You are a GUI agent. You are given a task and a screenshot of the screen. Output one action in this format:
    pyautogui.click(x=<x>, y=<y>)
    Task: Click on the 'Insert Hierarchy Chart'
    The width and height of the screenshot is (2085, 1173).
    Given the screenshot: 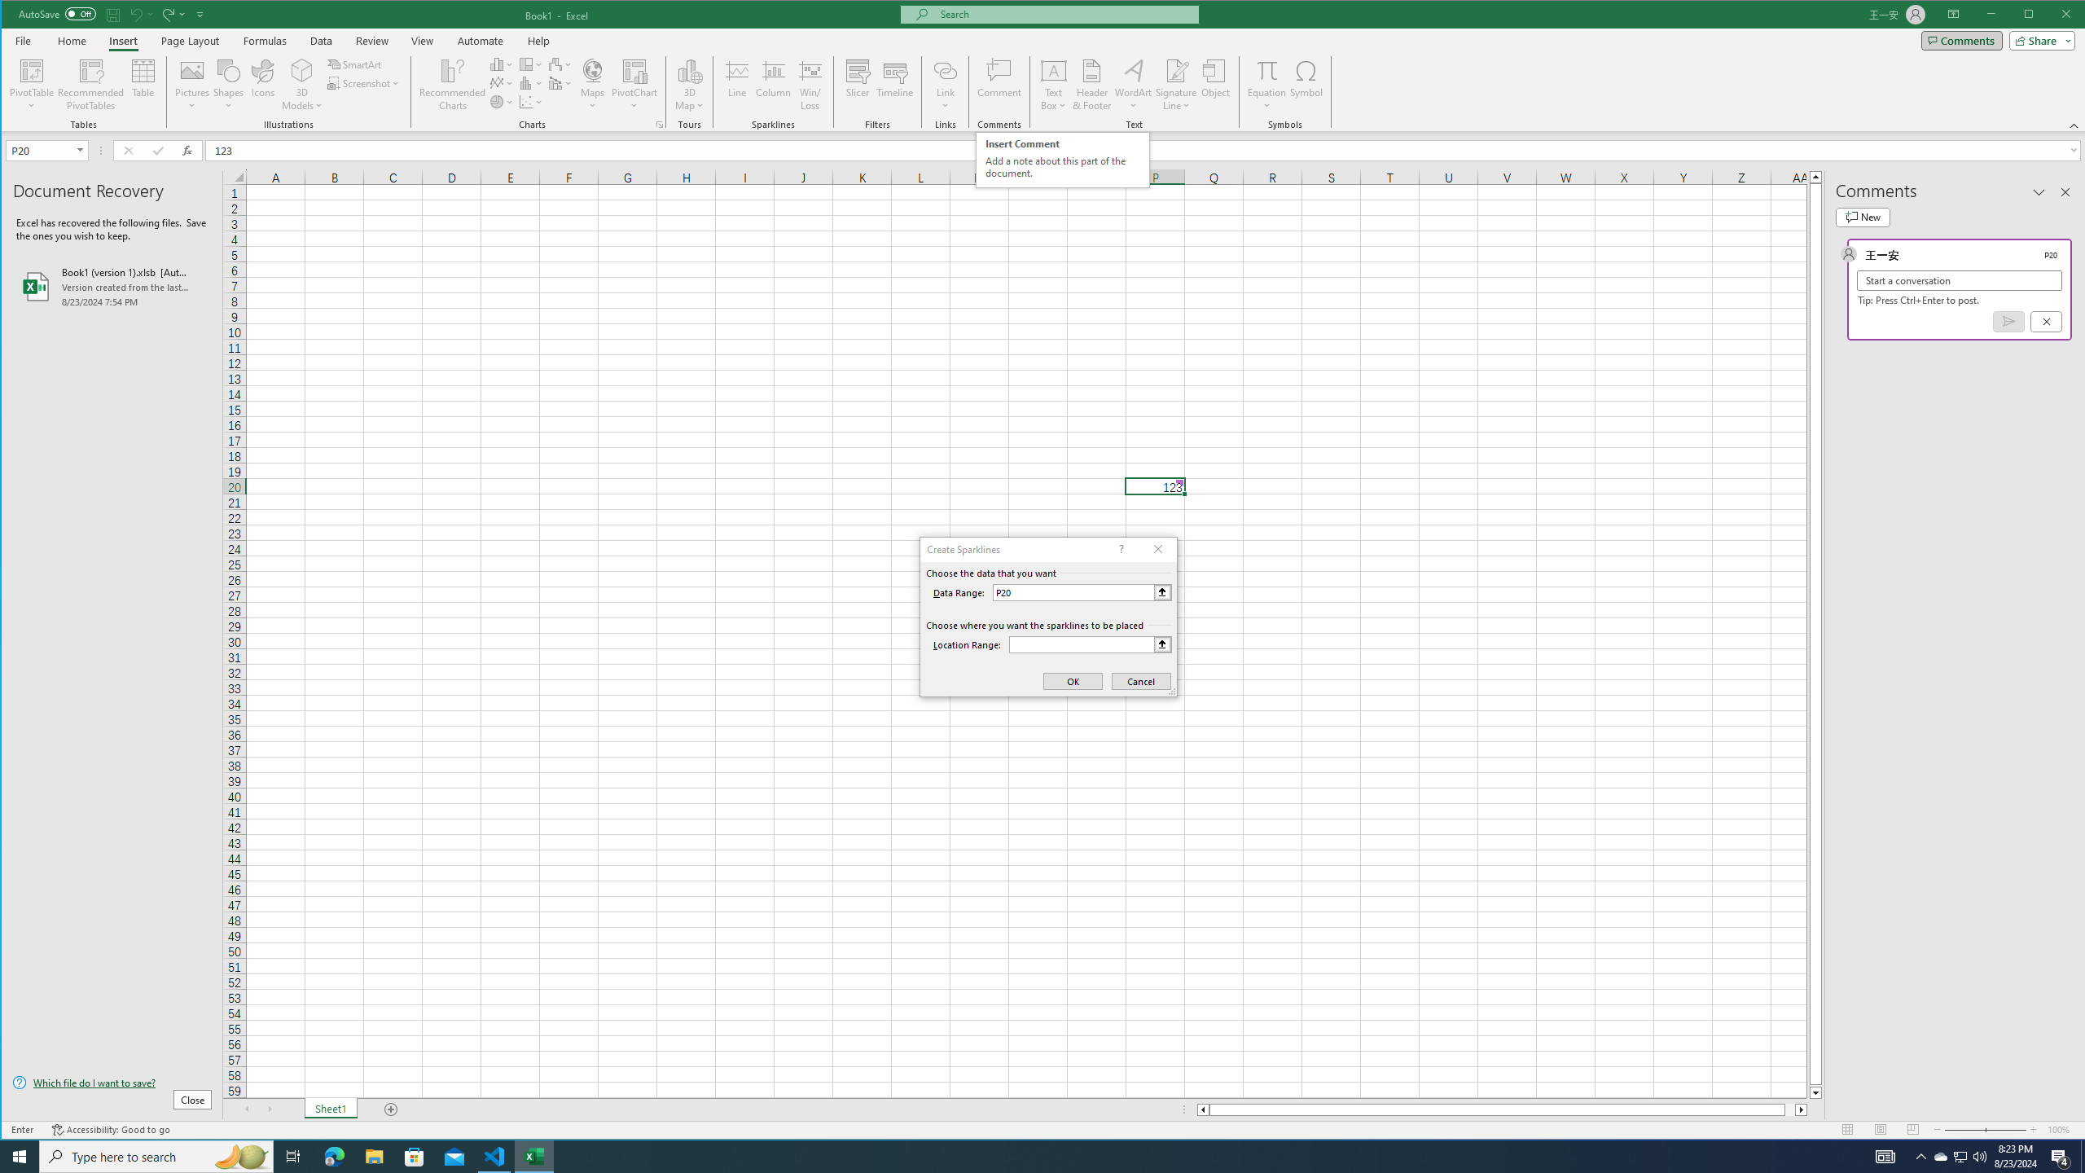 What is the action you would take?
    pyautogui.click(x=531, y=64)
    